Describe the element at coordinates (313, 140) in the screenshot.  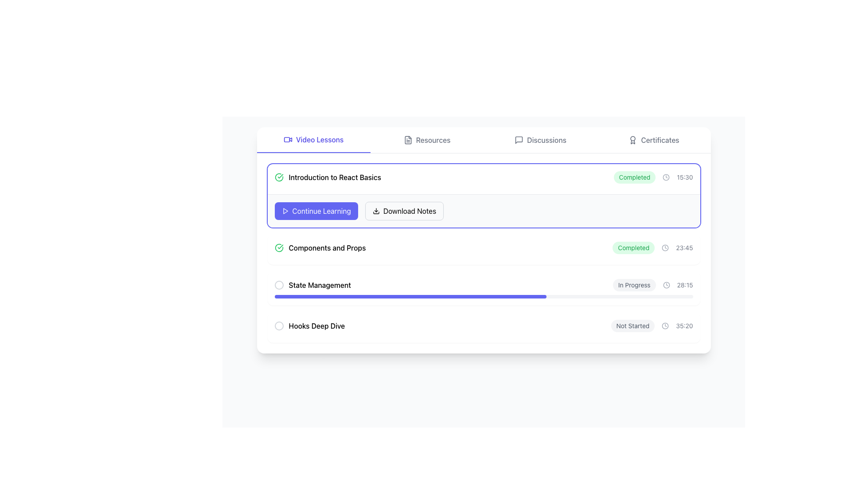
I see `the 'Video Lessons' navigation button located on the left side of the horizontal navigation bar` at that location.